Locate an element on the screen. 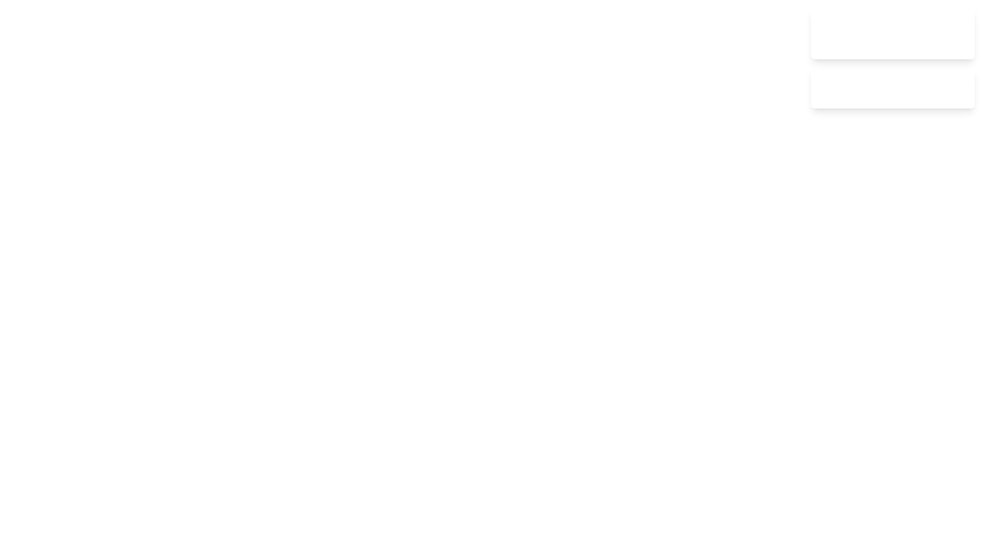 Image resolution: width=983 pixels, height=553 pixels. the notification icon to observe its context is located at coordinates (824, 33).